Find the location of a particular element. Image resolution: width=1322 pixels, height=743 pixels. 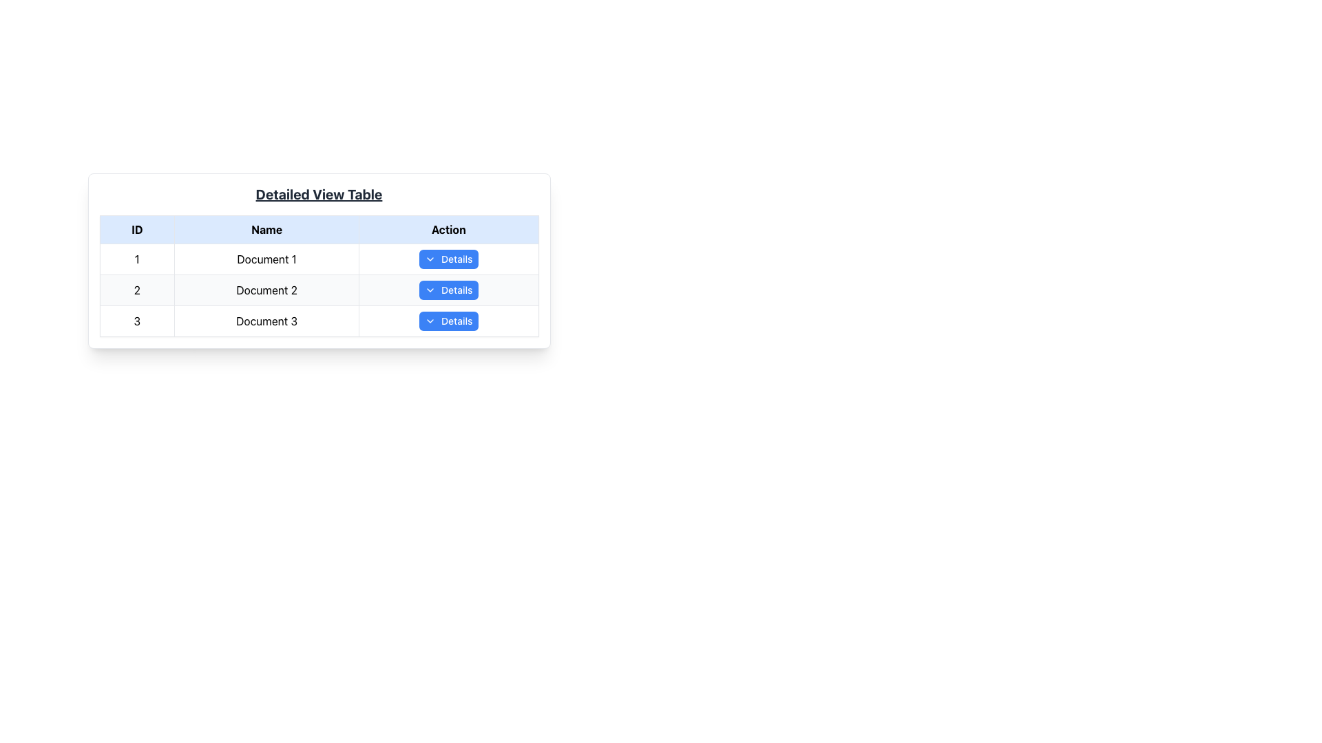

the 'Details' button in the 'Action' column of the first row, which contains a downwards-oriented chevron or arrow and is styled with a blue background and white text is located at coordinates (430, 259).